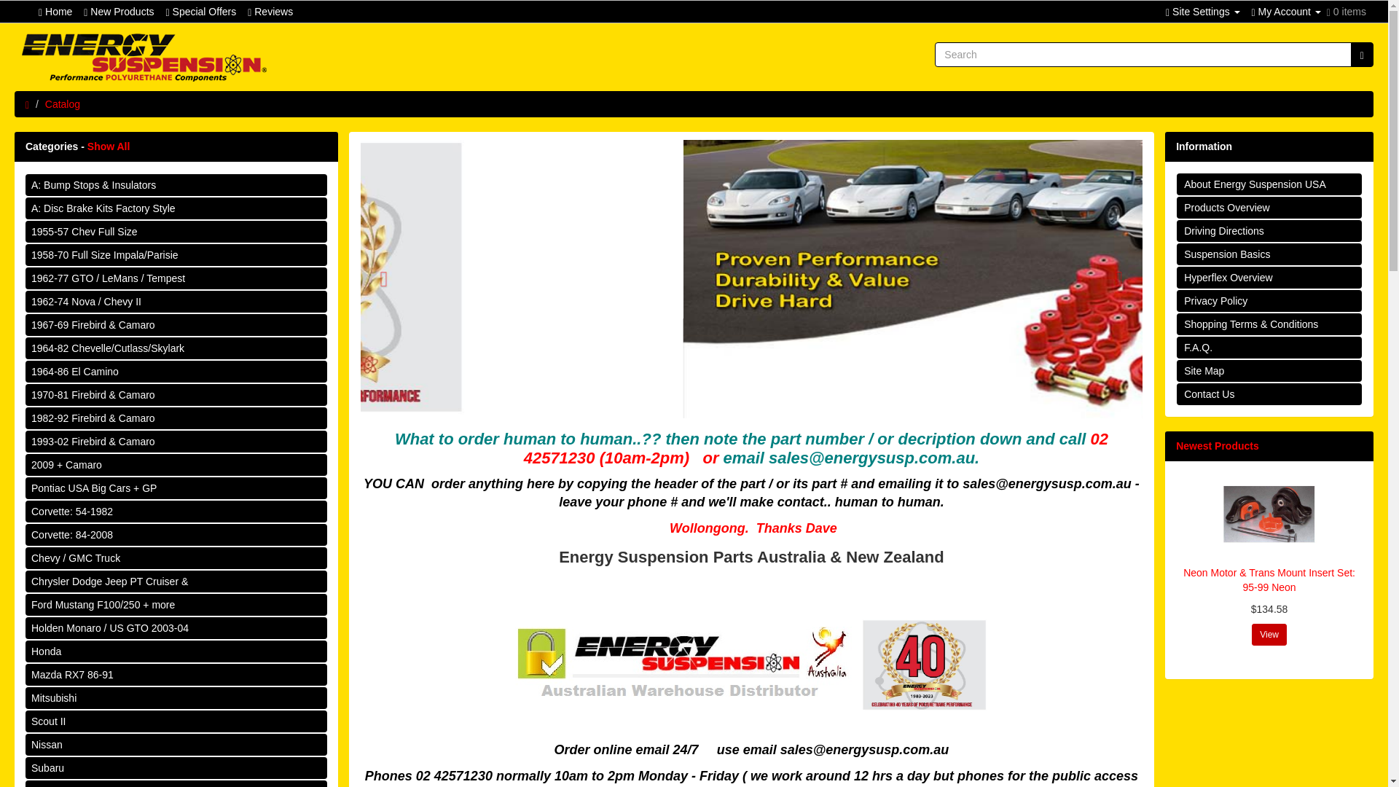 The image size is (1399, 787). What do you see at coordinates (1269, 579) in the screenshot?
I see `'Neon Motor & Trans Mount Insert Set: 95-99 Neon'` at bounding box center [1269, 579].